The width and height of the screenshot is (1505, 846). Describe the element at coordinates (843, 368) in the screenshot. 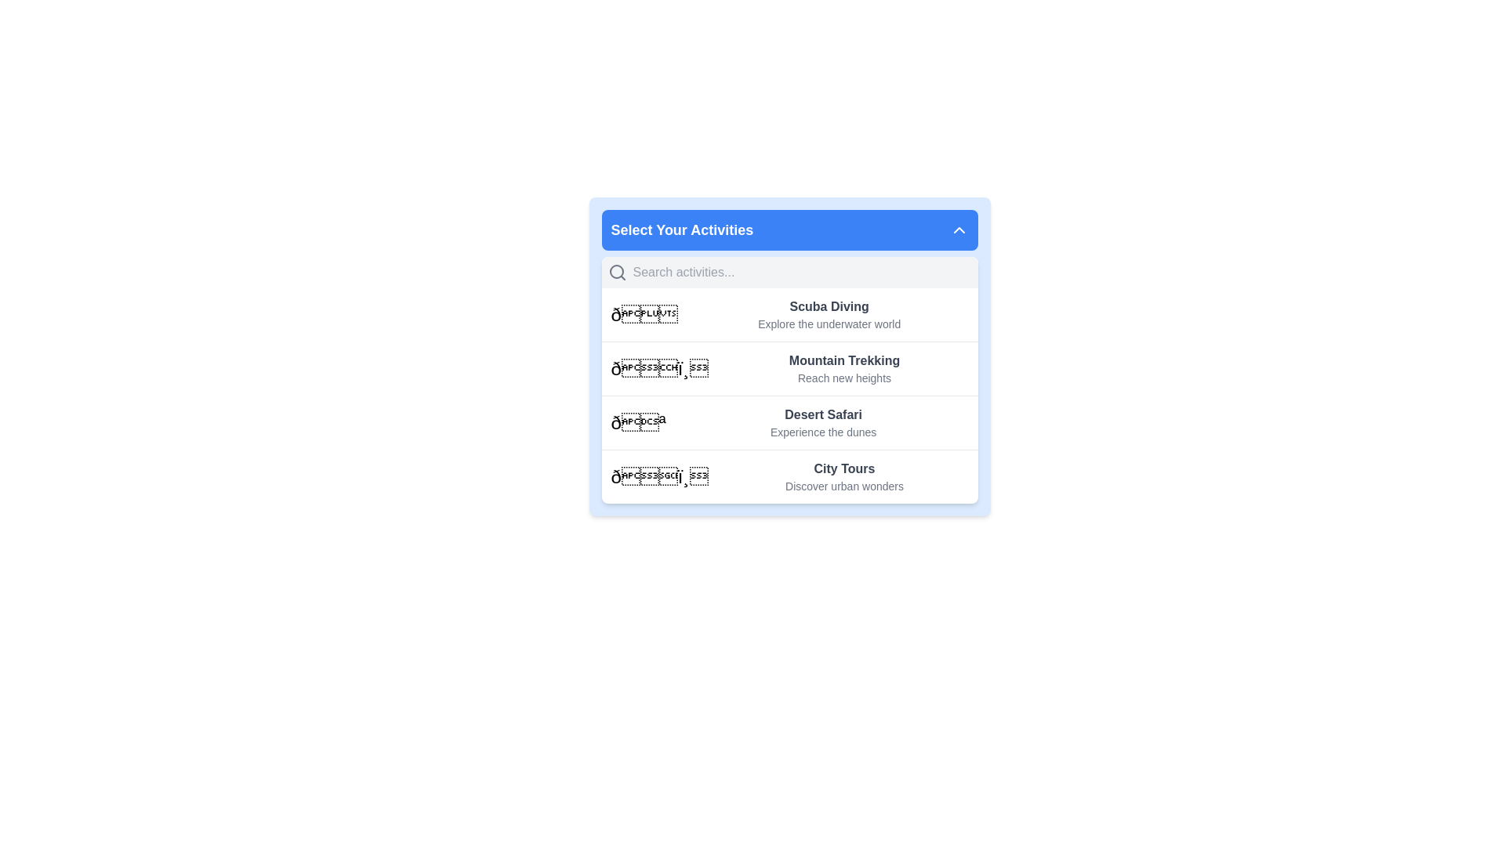

I see `the informational text block displaying 'Mountain Trekking' which is positioned centrally below 'Scuba Diving' and above 'Desert Safari' in the 'Select Your Activities' section` at that location.